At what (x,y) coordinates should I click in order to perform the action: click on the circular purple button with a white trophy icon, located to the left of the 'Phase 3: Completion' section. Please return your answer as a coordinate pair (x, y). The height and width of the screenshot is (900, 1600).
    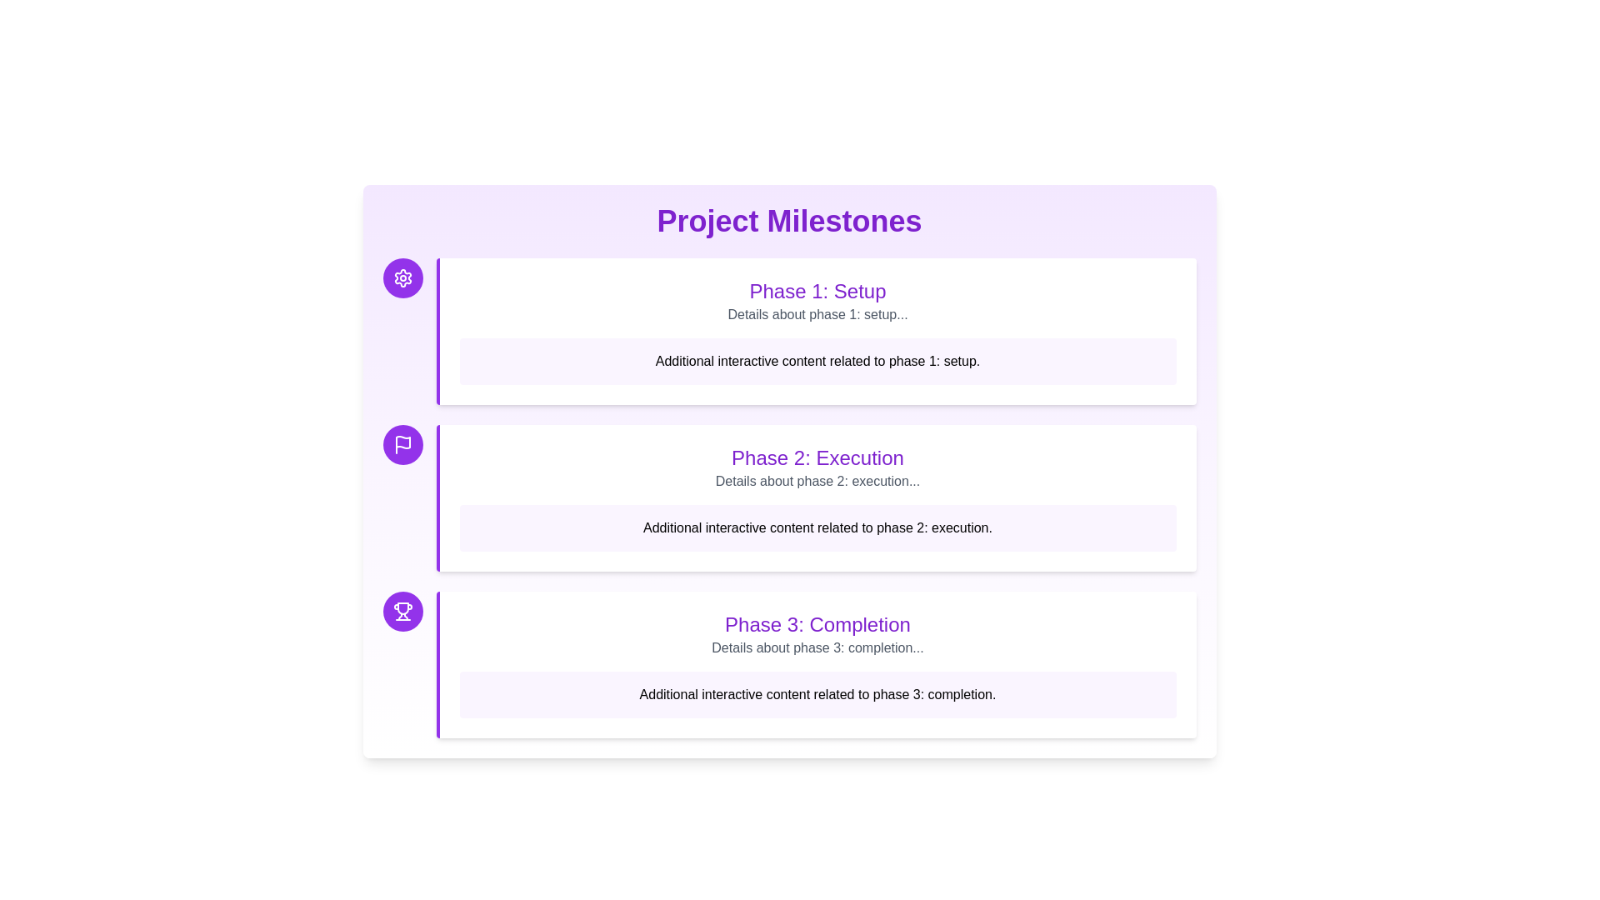
    Looking at the image, I should click on (402, 611).